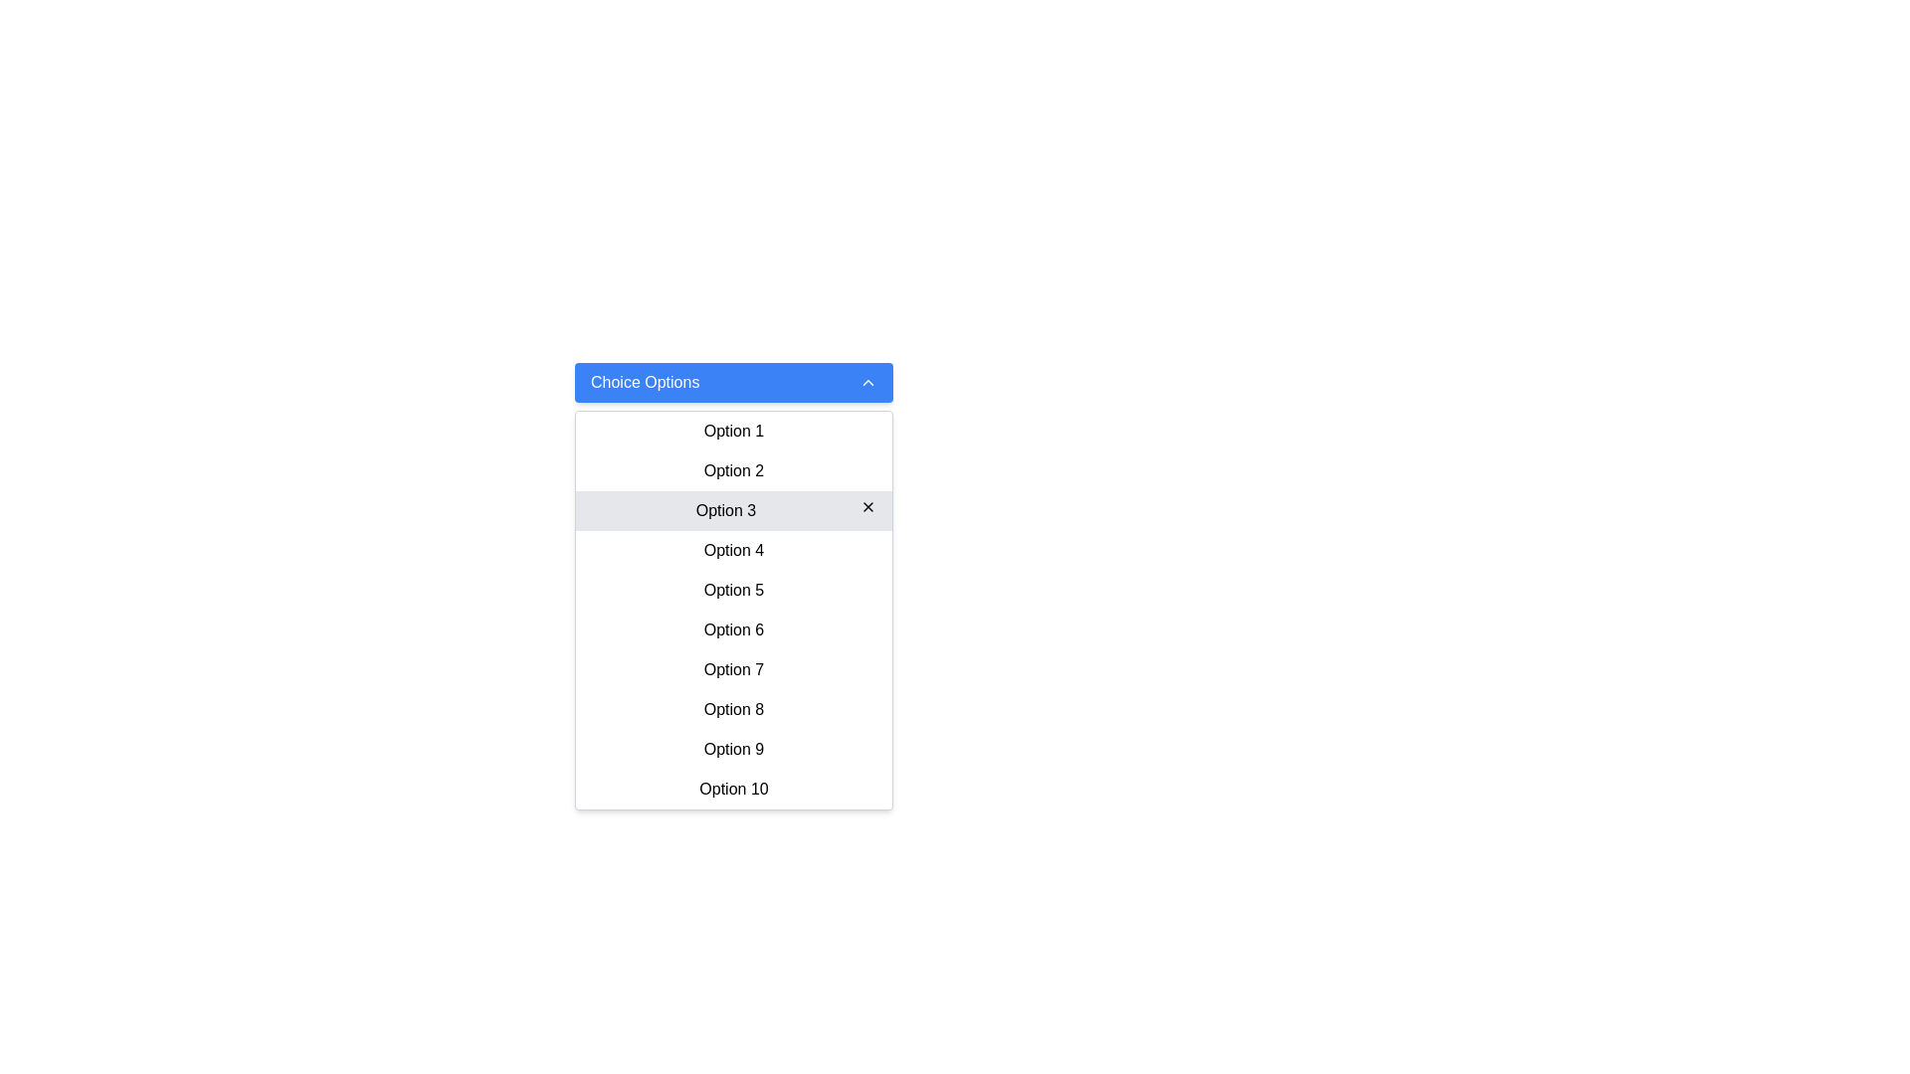  I want to click on the 'Option 2' in the 'Choice Options' dropdown menu, so click(733, 471).